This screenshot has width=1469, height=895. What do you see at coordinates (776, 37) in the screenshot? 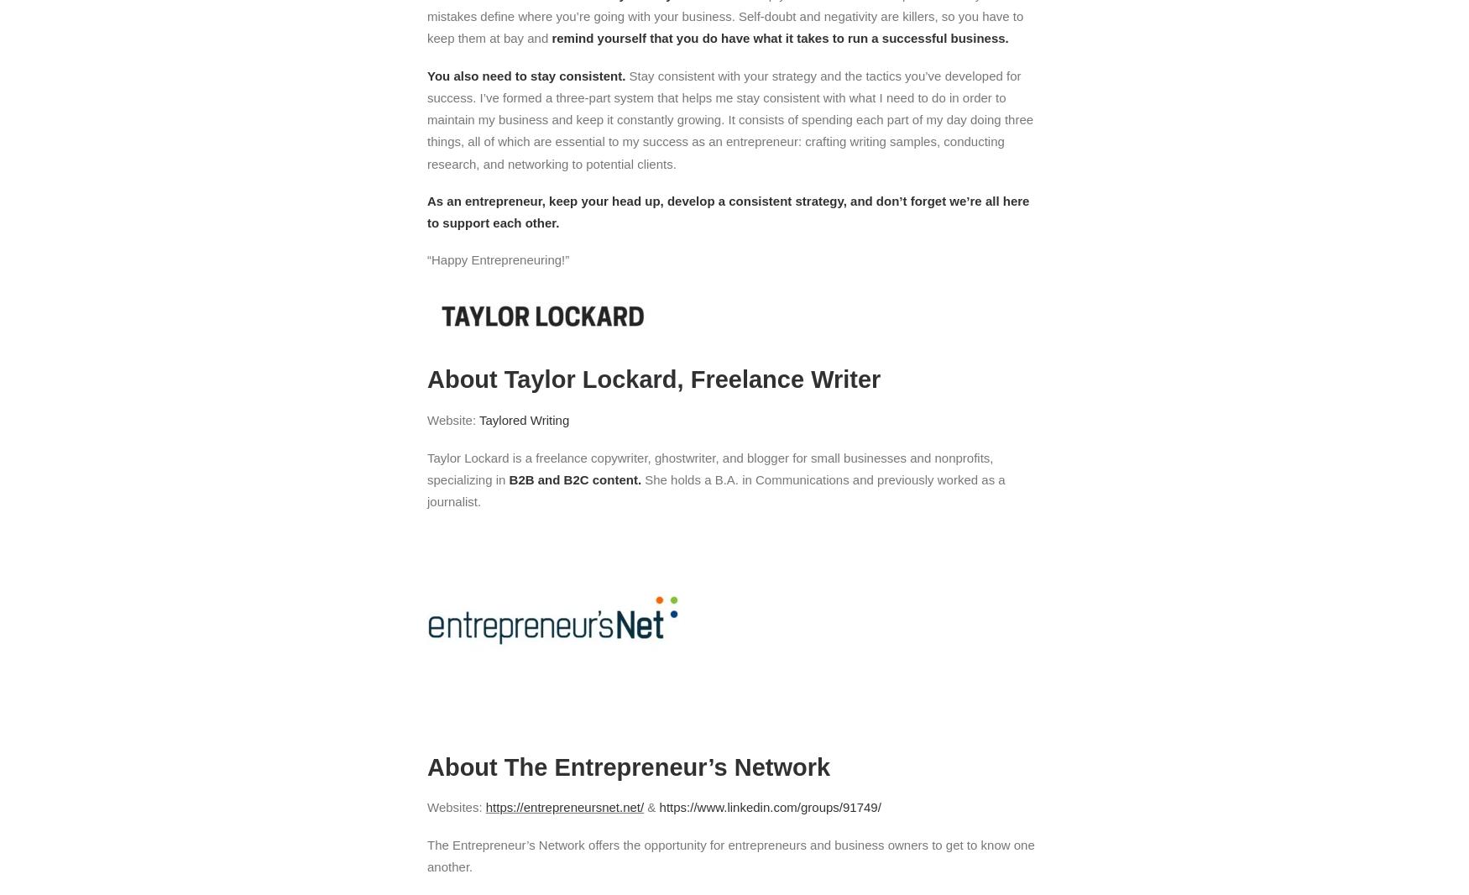
I see `'remind yourself that you do have what it takes to run a successful business.'` at bounding box center [776, 37].